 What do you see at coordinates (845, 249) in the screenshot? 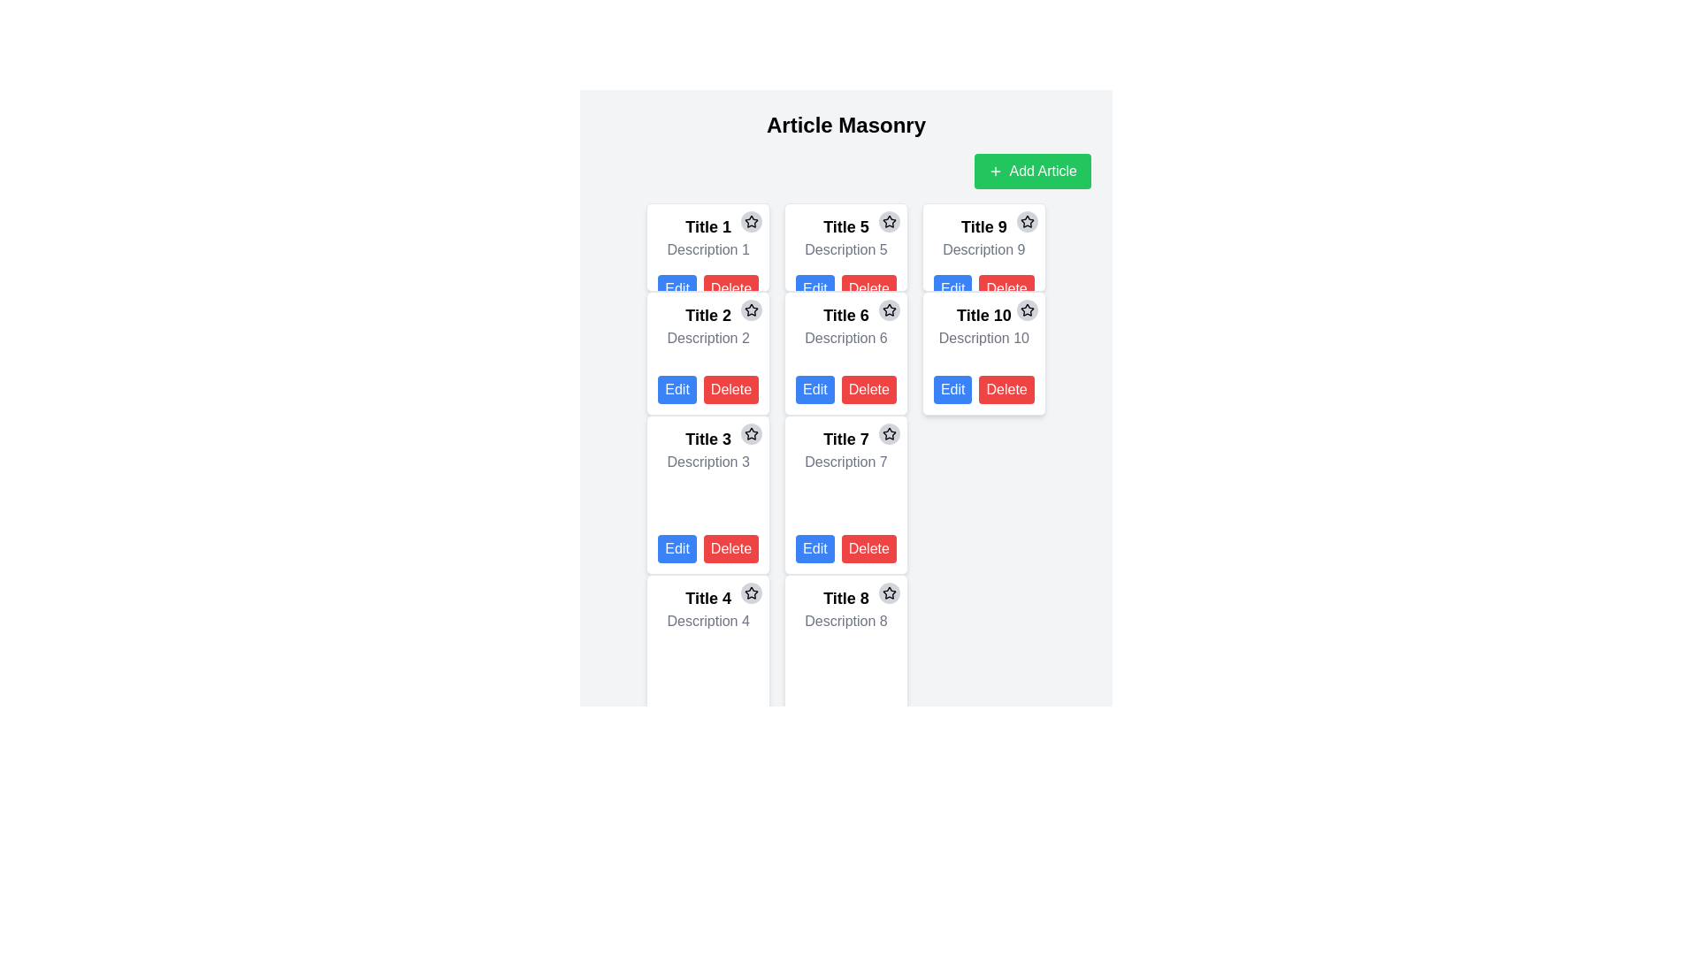
I see `the static text element displaying 'Description 5', which is styled in light gray and positioned below 'Title 5'` at bounding box center [845, 249].